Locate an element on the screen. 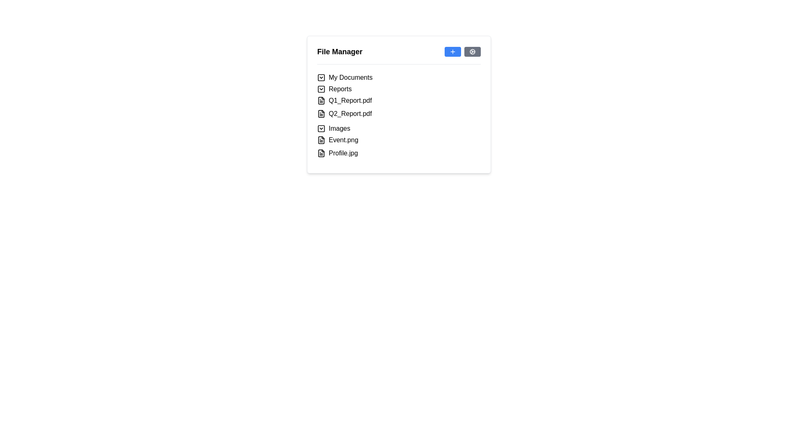 The image size is (789, 444). the 'Profile.jpg' file entry is located at coordinates (399, 153).